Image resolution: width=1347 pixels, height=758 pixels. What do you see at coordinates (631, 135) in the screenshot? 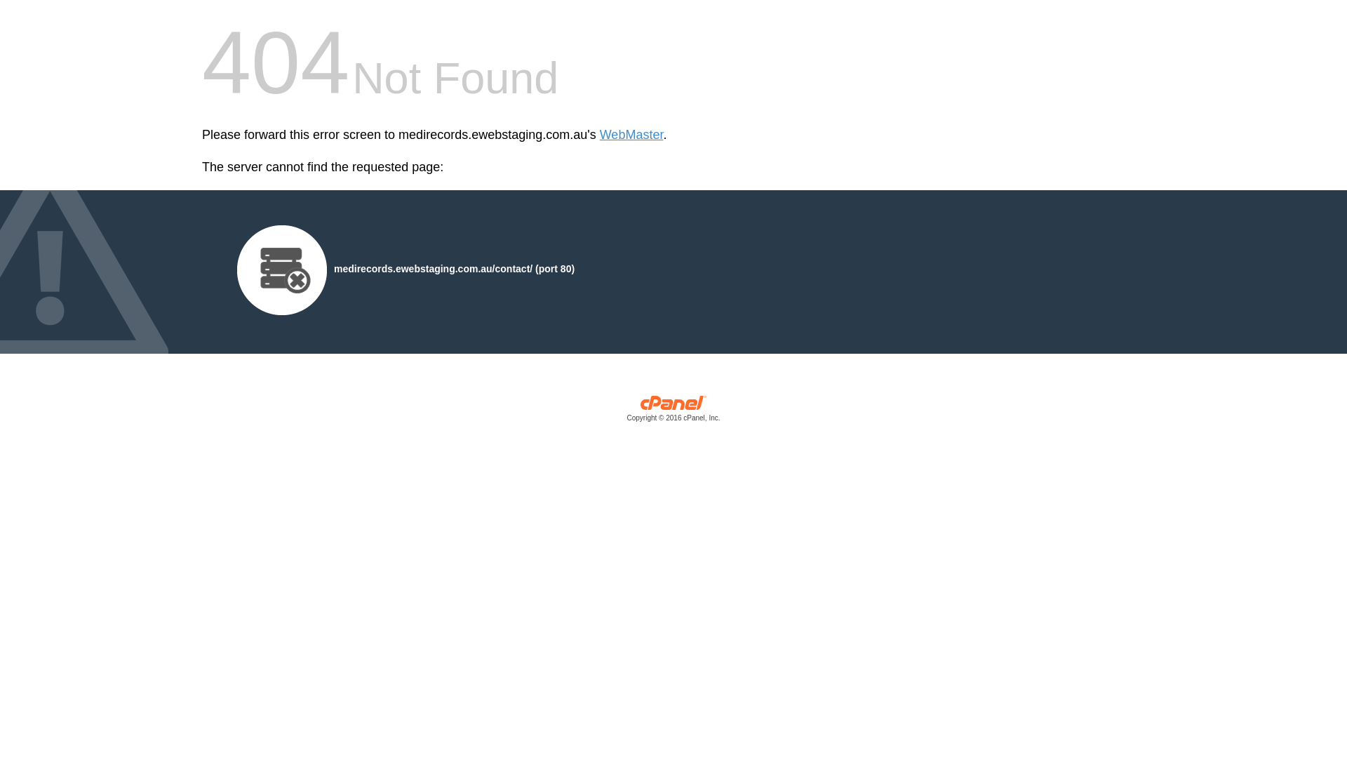
I see `'WebMaster'` at bounding box center [631, 135].